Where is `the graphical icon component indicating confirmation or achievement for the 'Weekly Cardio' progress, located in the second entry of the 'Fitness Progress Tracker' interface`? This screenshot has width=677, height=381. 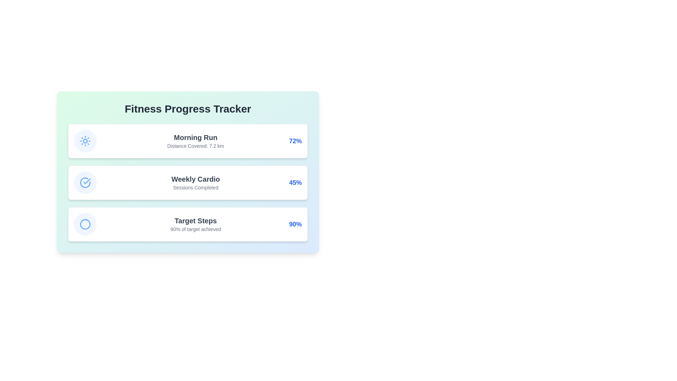 the graphical icon component indicating confirmation or achievement for the 'Weekly Cardio' progress, located in the second entry of the 'Fitness Progress Tracker' interface is located at coordinates (86, 181).